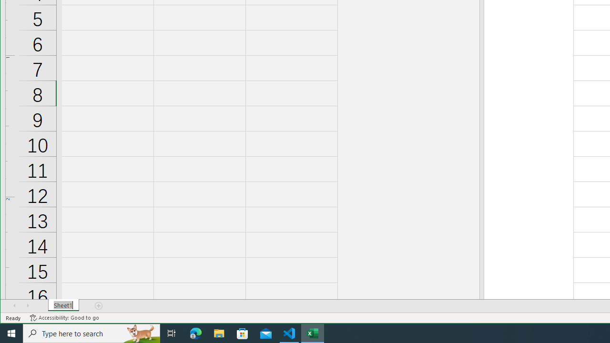  I want to click on 'Scroll Left', so click(14, 305).